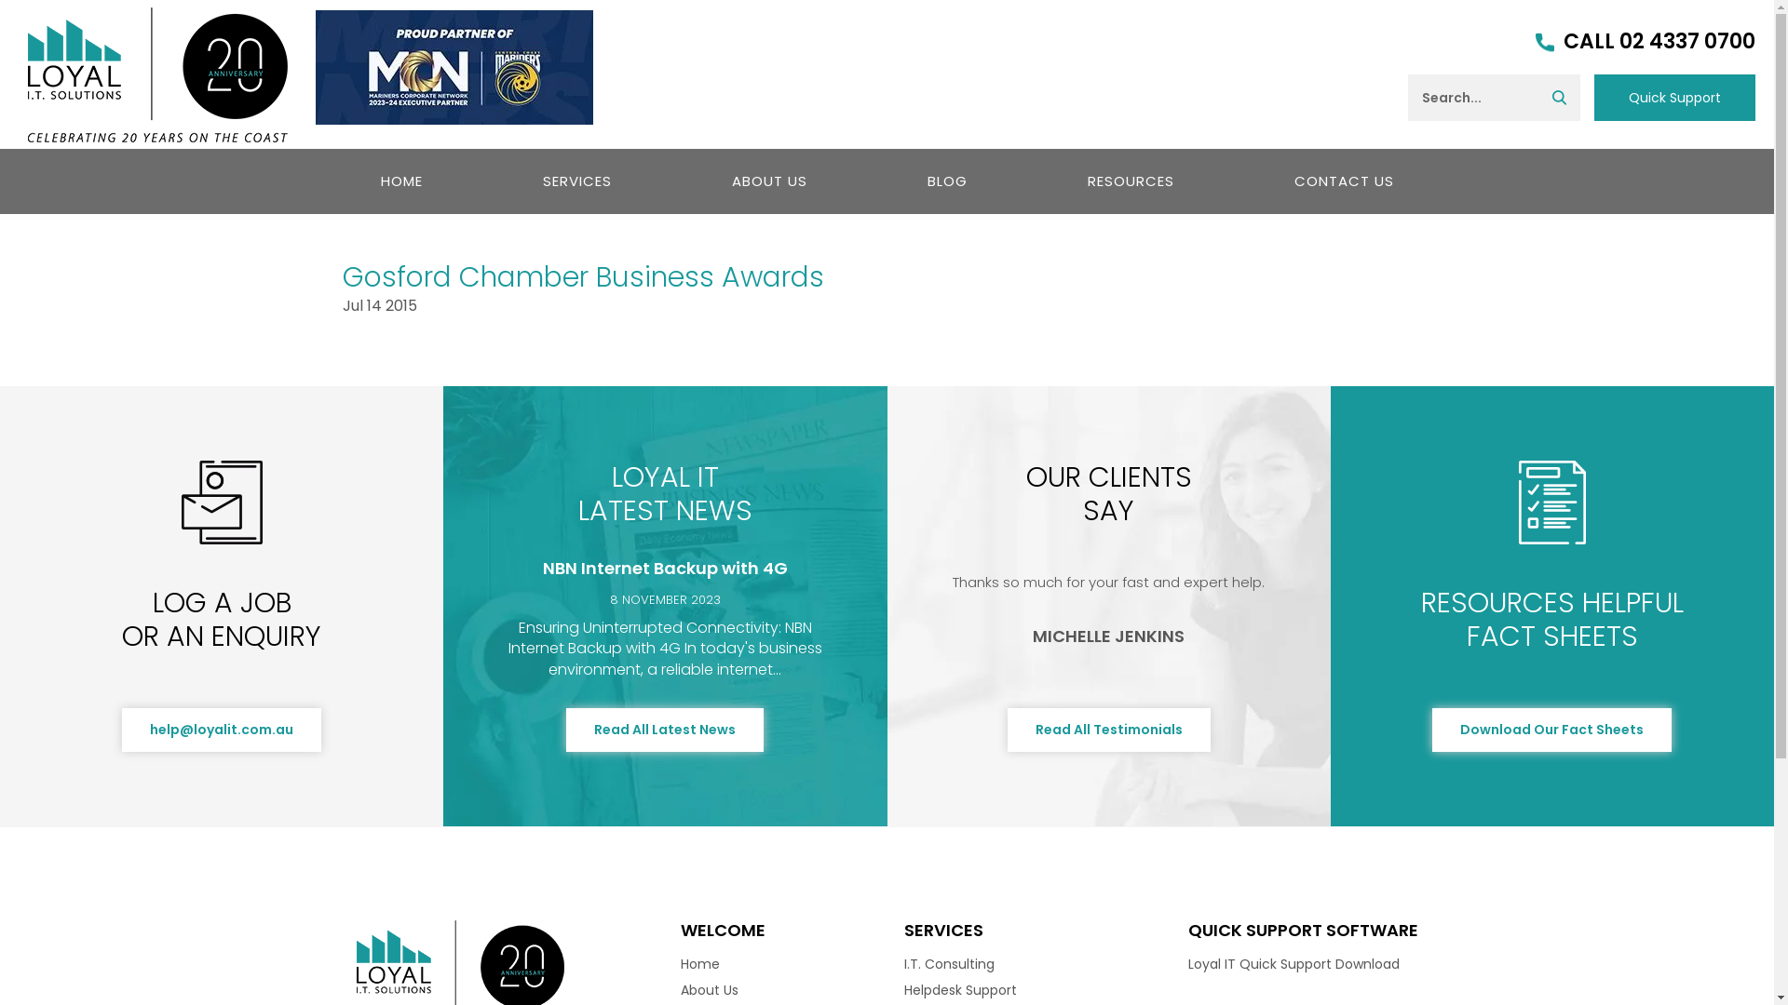  What do you see at coordinates (222, 729) in the screenshot?
I see `'help@loyalit.com.au'` at bounding box center [222, 729].